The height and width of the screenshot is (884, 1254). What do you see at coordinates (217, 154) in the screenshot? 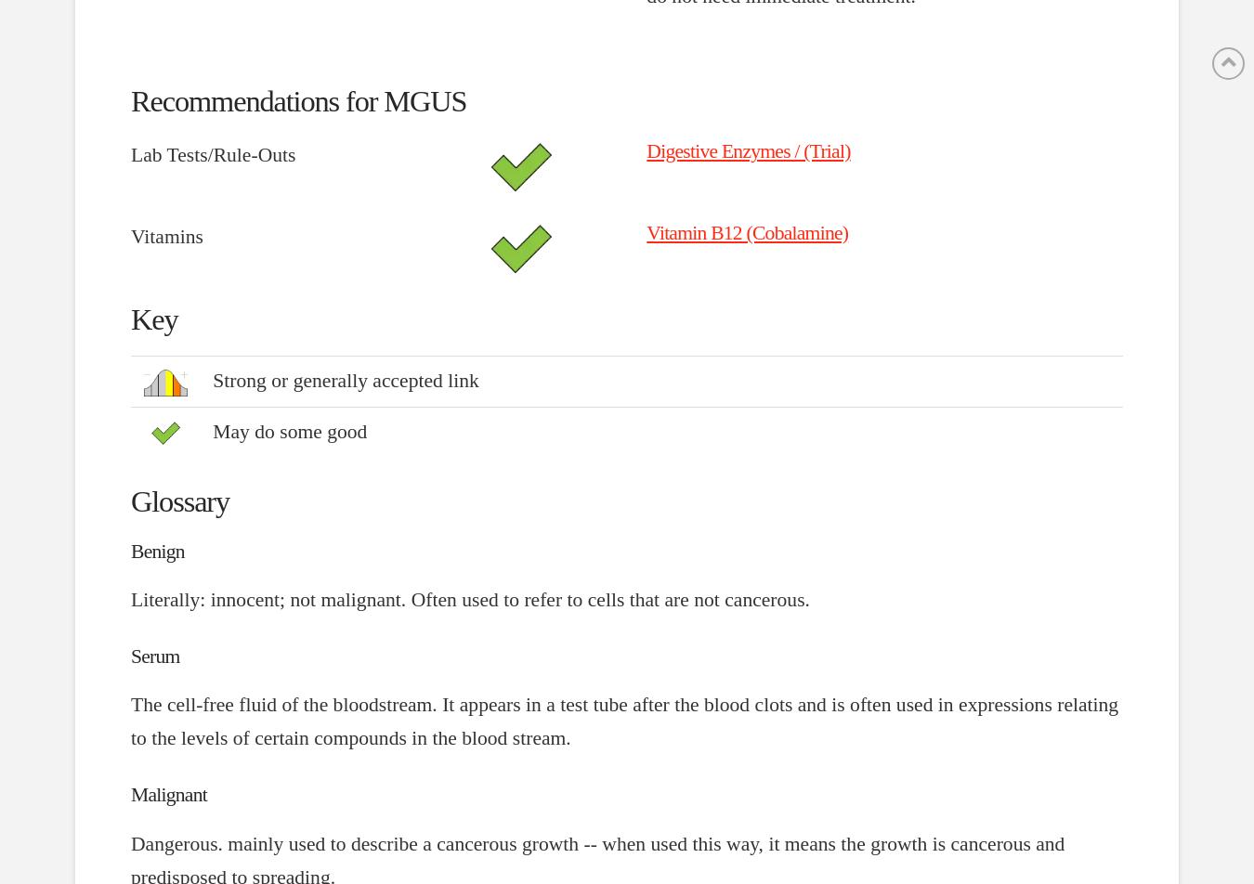
I see `'Lab Tests/Rule-Outs'` at bounding box center [217, 154].